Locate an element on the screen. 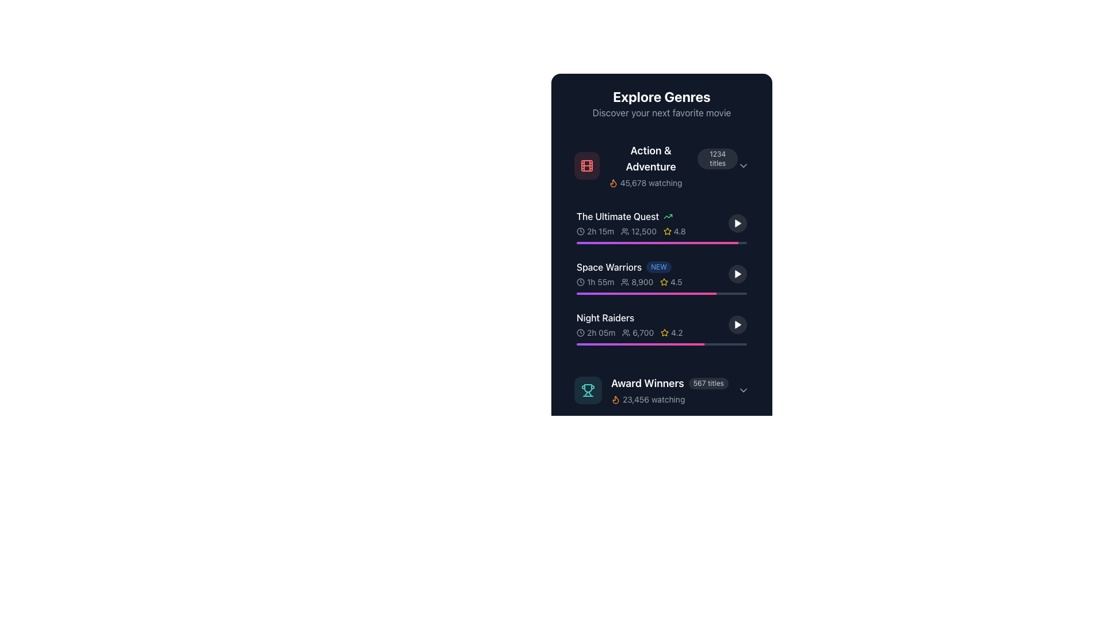 Image resolution: width=1105 pixels, height=622 pixels. the filled section of the Progress bar segment representing 82% completion under the 'Space Warriors' list entry is located at coordinates (646, 293).